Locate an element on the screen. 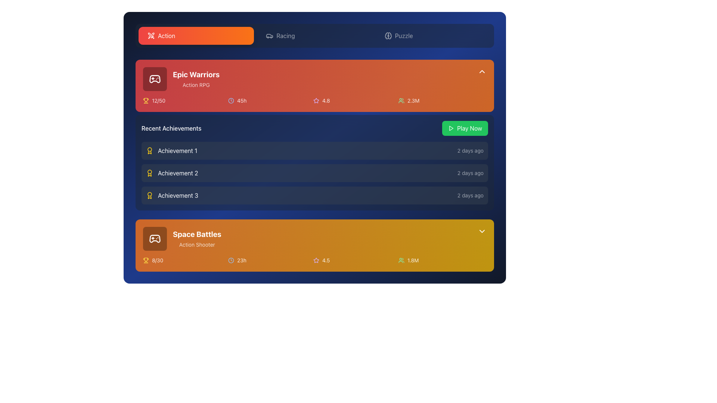 This screenshot has height=403, width=717. Text label displaying '4.8' with an adjacent star icon, styled with a light purple hue, located in the orange game card titled 'Epic Warriors' in the metrics row is located at coordinates (353, 101).